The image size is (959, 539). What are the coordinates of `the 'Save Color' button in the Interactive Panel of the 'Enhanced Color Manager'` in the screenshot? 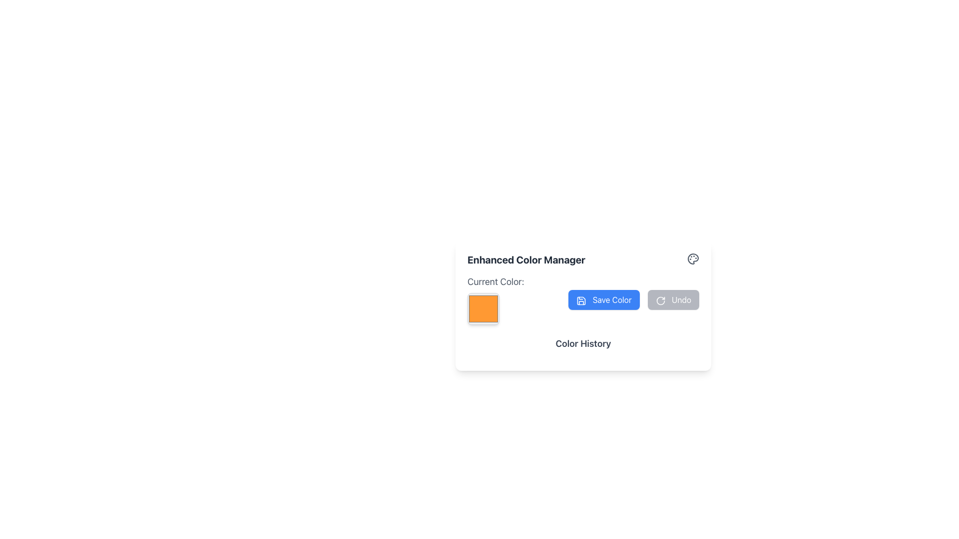 It's located at (583, 299).